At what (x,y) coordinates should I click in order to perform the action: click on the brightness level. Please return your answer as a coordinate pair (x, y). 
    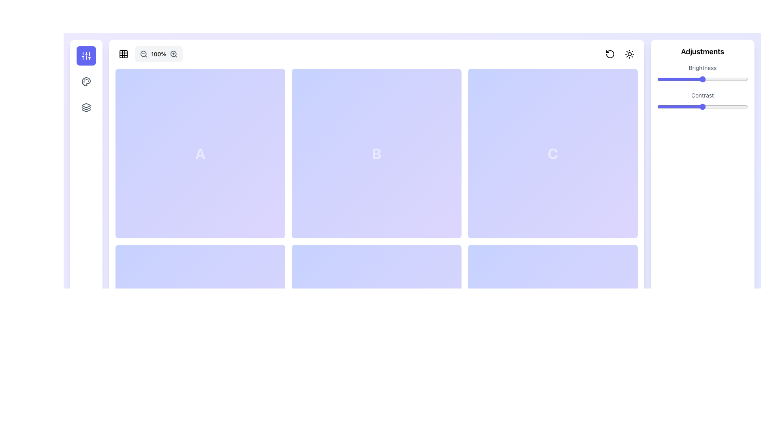
    Looking at the image, I should click on (697, 79).